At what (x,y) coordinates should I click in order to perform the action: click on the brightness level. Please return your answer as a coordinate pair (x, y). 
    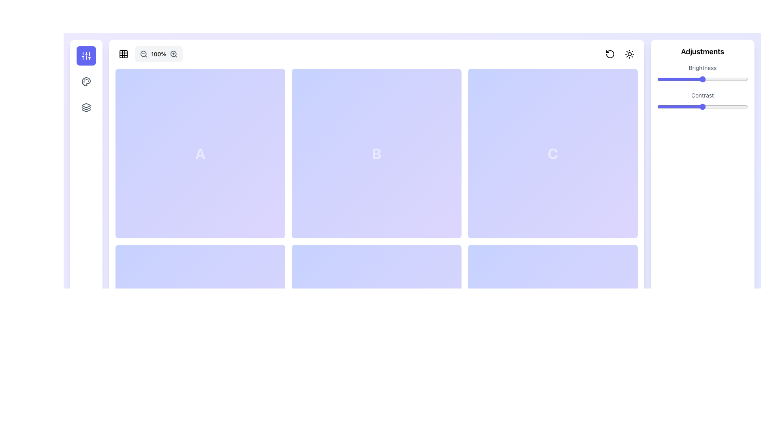
    Looking at the image, I should click on (697, 79).